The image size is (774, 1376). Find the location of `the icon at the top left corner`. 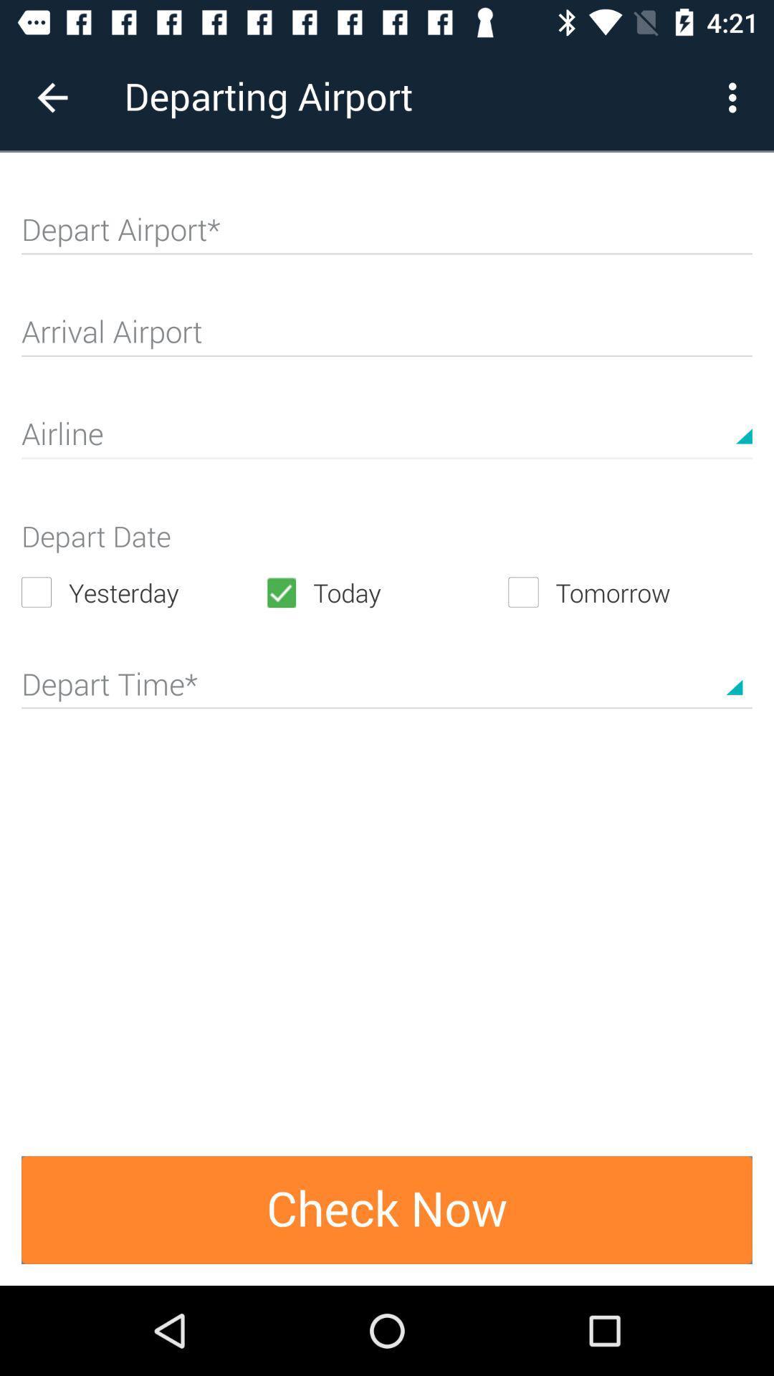

the icon at the top left corner is located at coordinates (52, 97).